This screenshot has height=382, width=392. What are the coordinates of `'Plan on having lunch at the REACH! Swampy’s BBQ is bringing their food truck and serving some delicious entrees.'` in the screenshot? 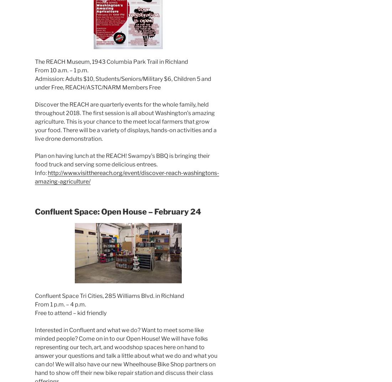 It's located at (122, 159).